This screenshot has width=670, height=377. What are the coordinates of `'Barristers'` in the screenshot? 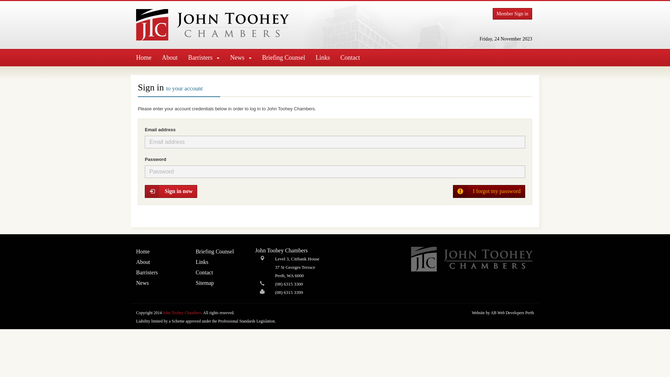 It's located at (203, 57).